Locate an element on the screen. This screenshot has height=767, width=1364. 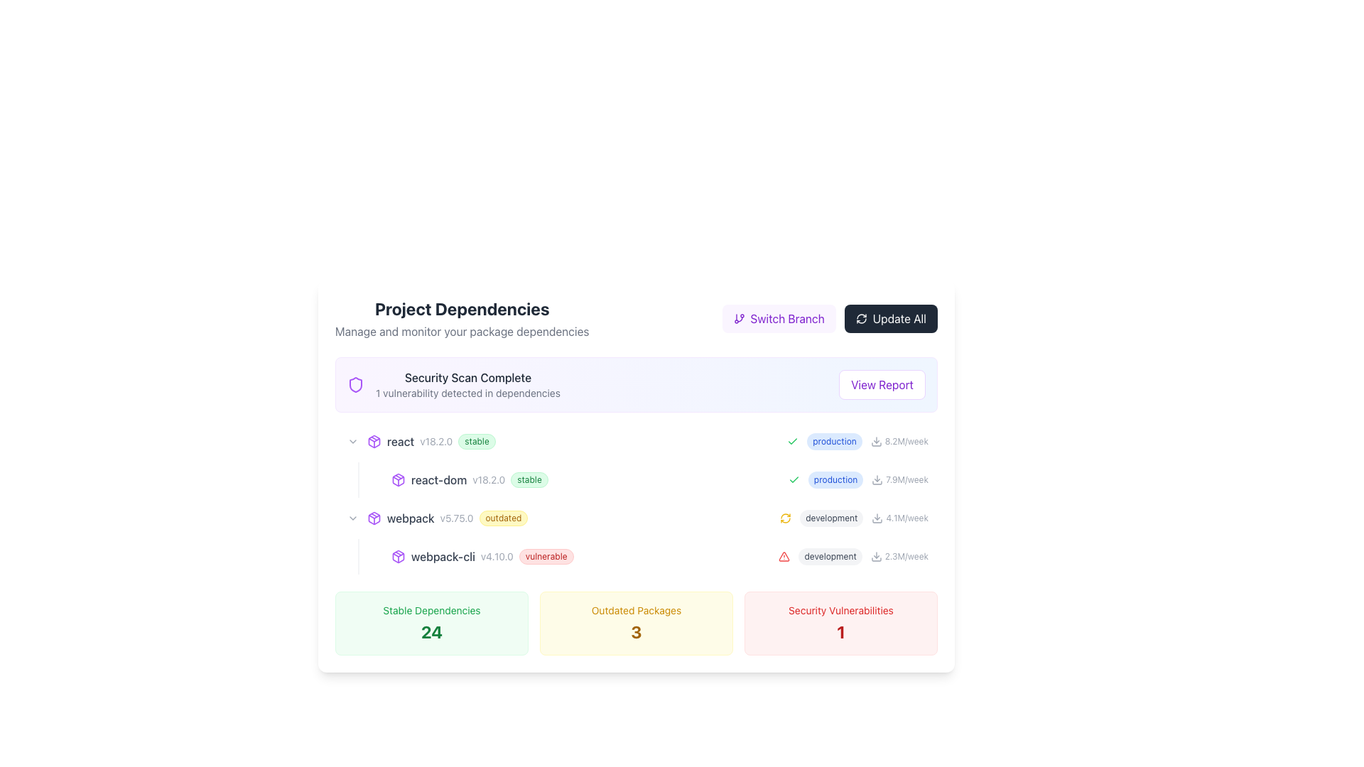
the small, downward-pointing chevron icon button located to the left of the text 'webpack v5.75.0 outdated' is located at coordinates (353, 518).